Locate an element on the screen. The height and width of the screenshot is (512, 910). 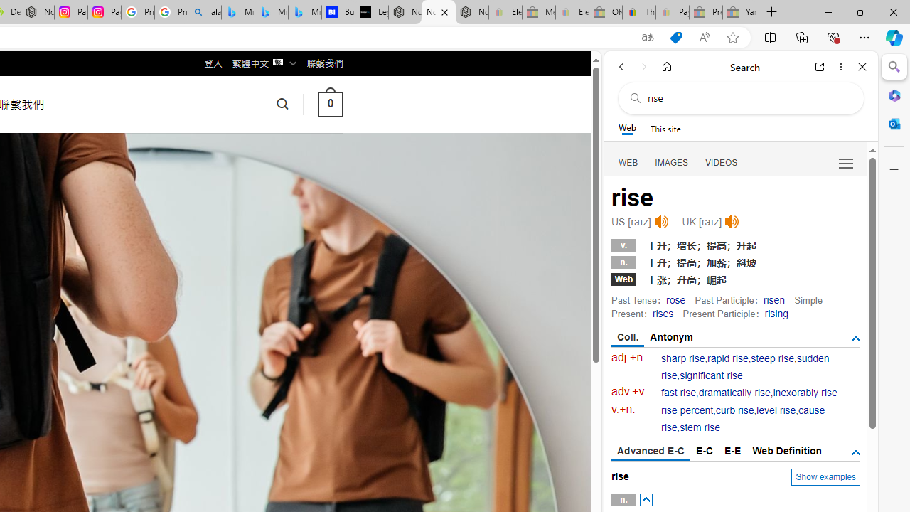
'sudden rise' is located at coordinates (744, 366).